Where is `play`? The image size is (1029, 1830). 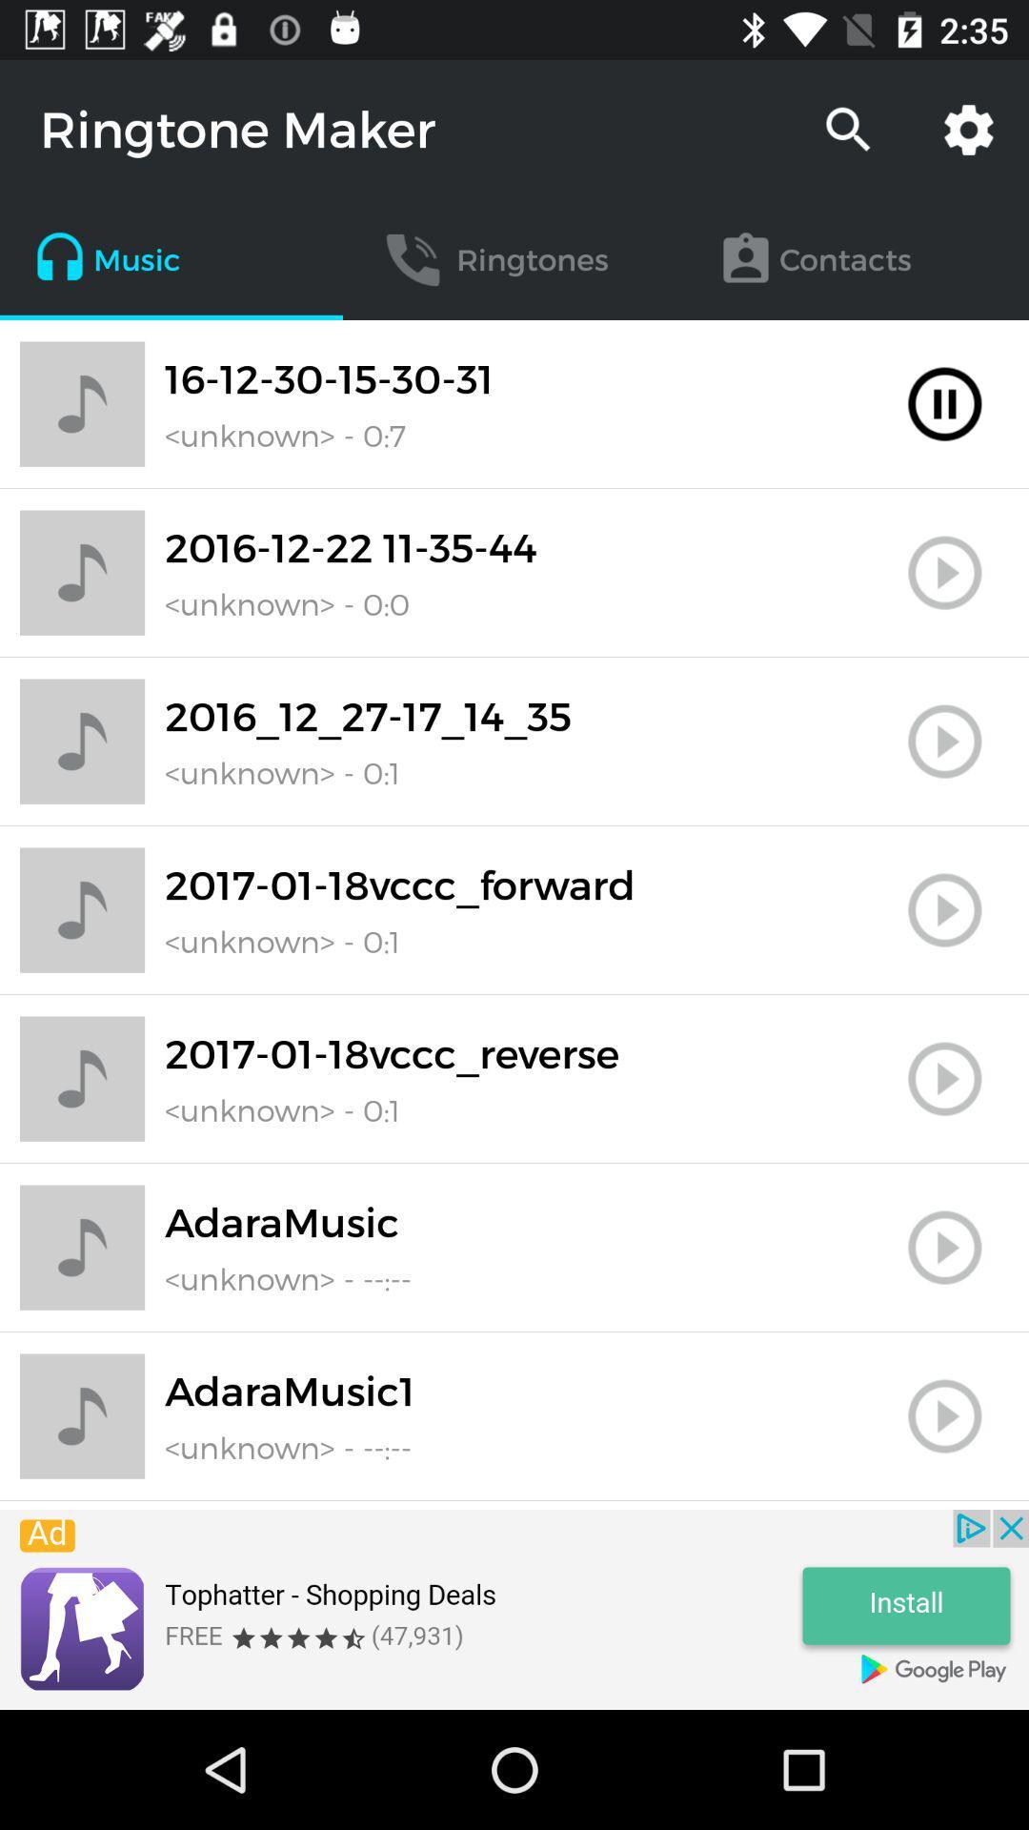
play is located at coordinates (944, 741).